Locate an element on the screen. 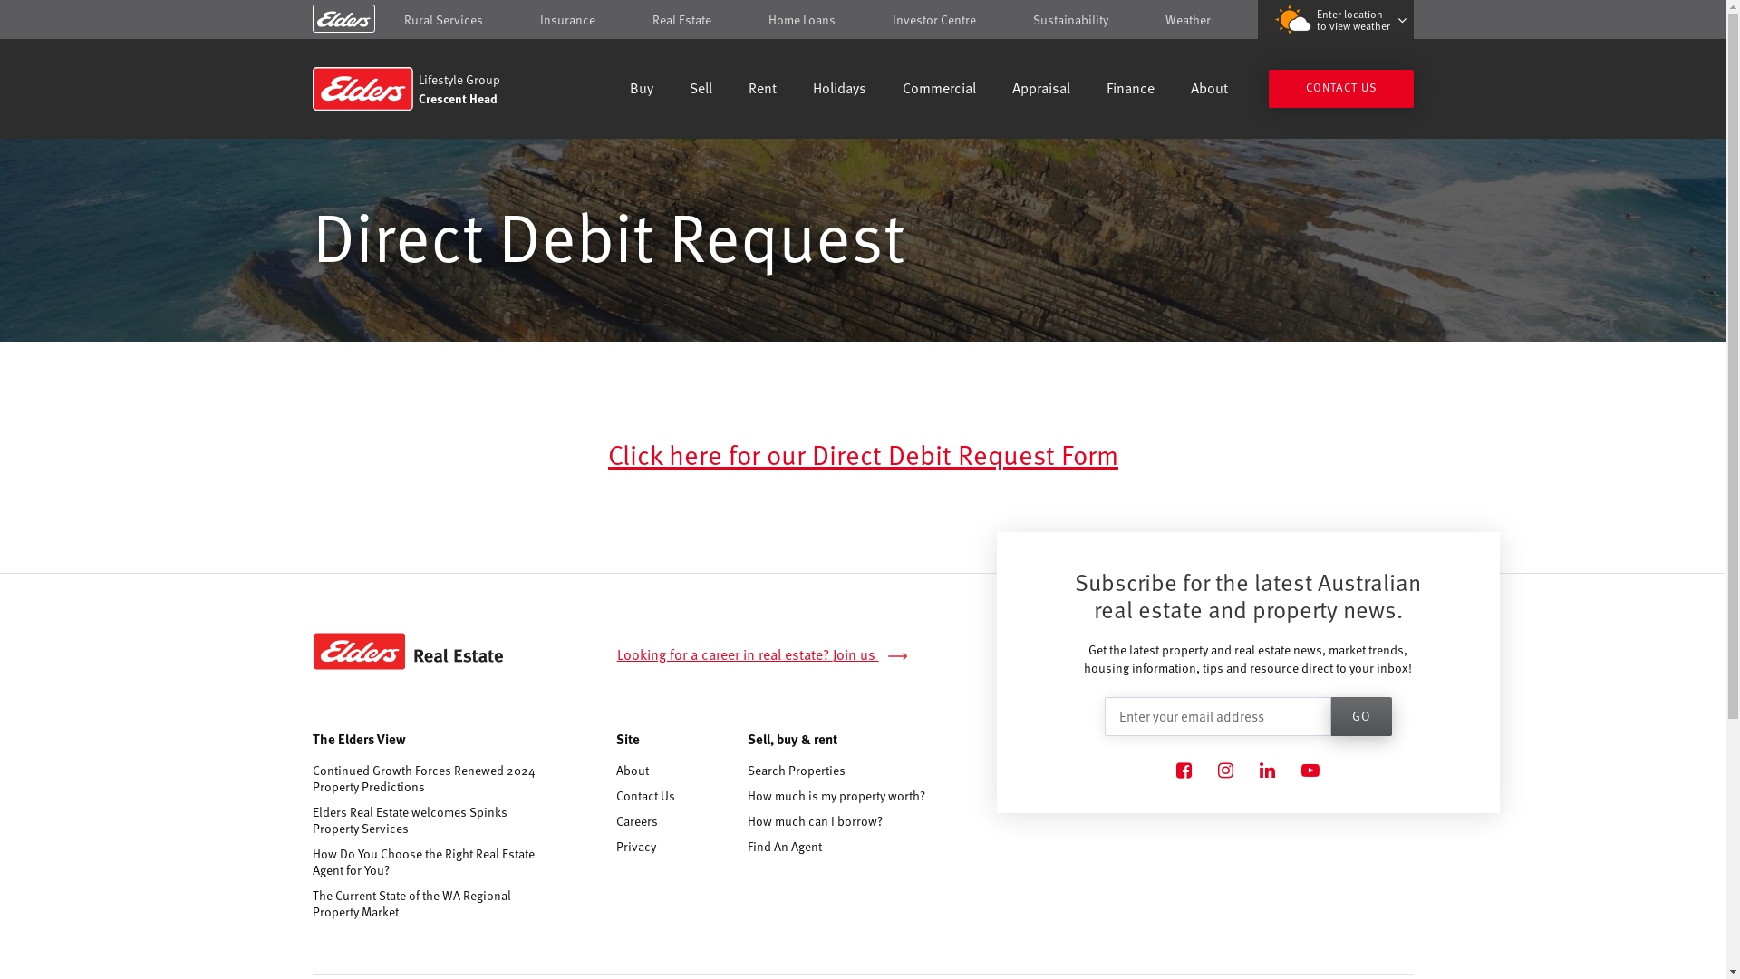  'About' is located at coordinates (632, 770).